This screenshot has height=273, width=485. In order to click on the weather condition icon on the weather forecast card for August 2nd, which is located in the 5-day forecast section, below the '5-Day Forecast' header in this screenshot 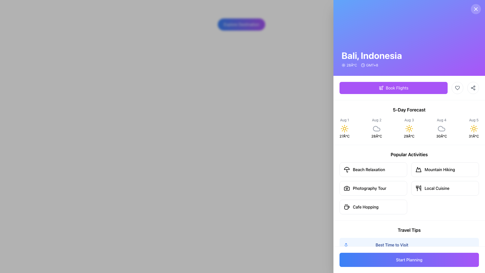, I will do `click(377, 128)`.